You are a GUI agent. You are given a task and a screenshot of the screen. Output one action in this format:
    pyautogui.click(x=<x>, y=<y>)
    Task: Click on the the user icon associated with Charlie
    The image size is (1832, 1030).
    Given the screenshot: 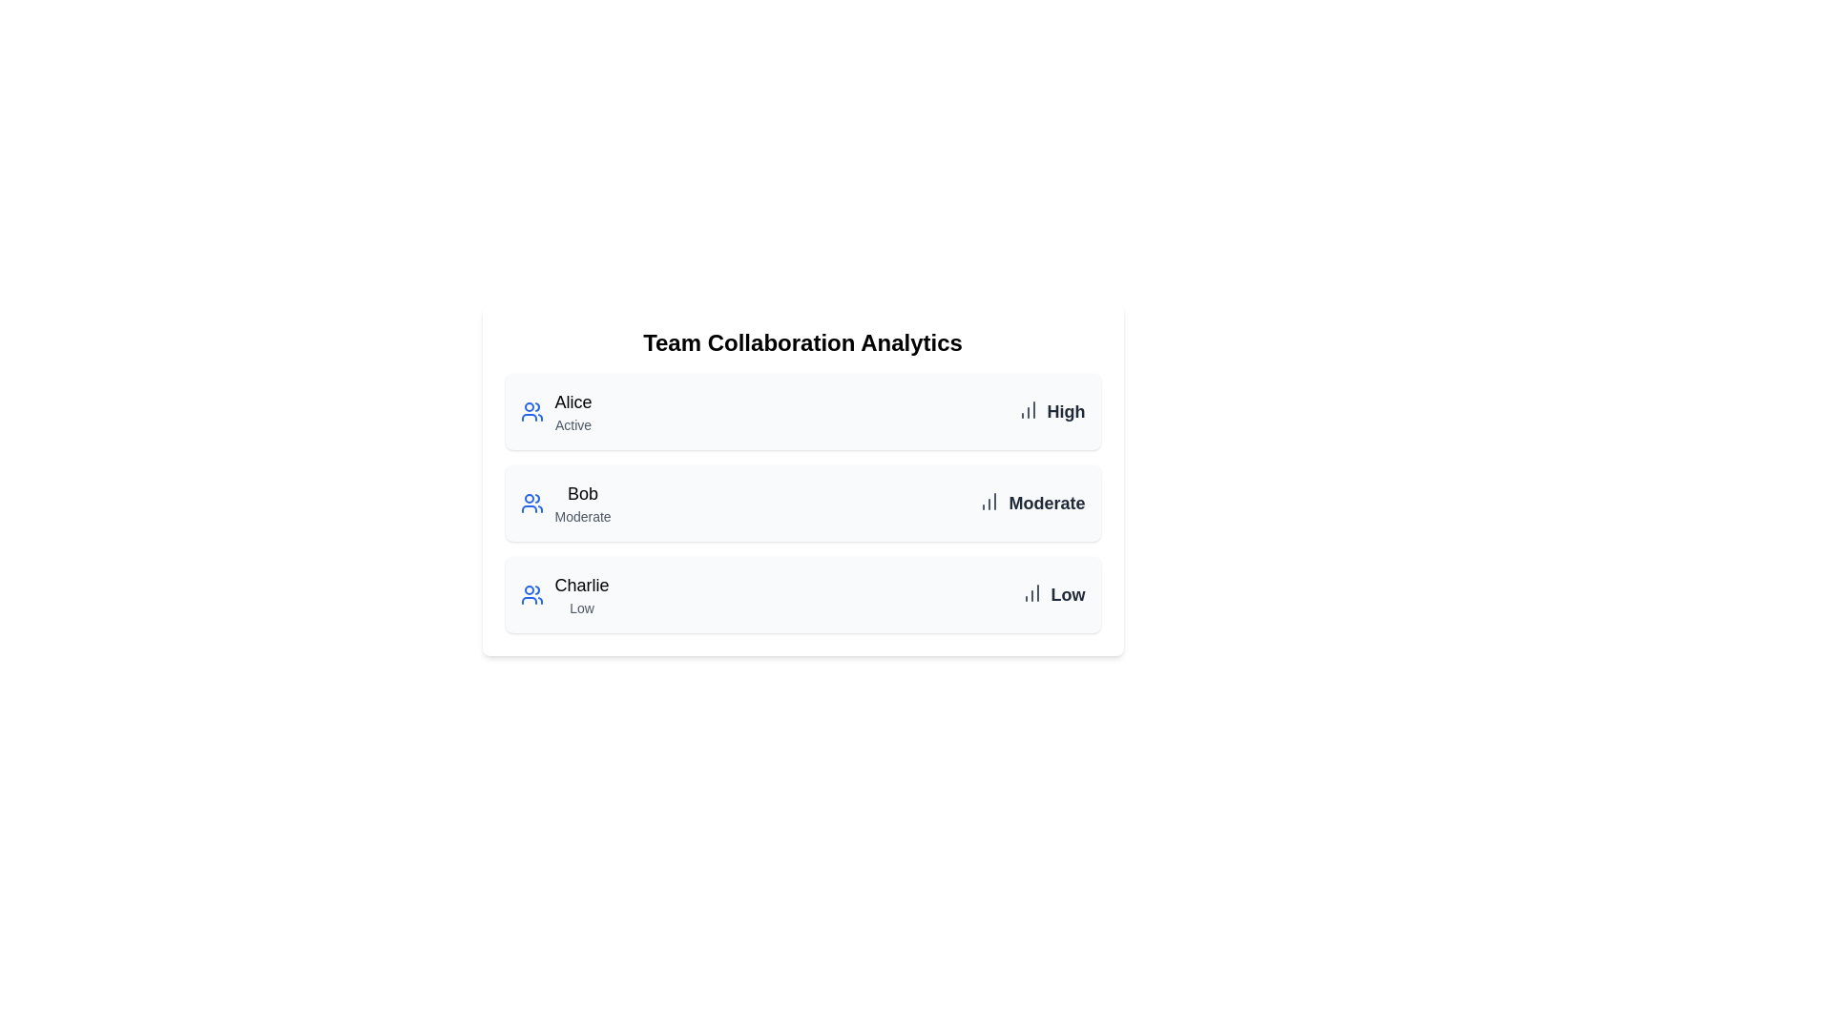 What is the action you would take?
    pyautogui.click(x=531, y=594)
    